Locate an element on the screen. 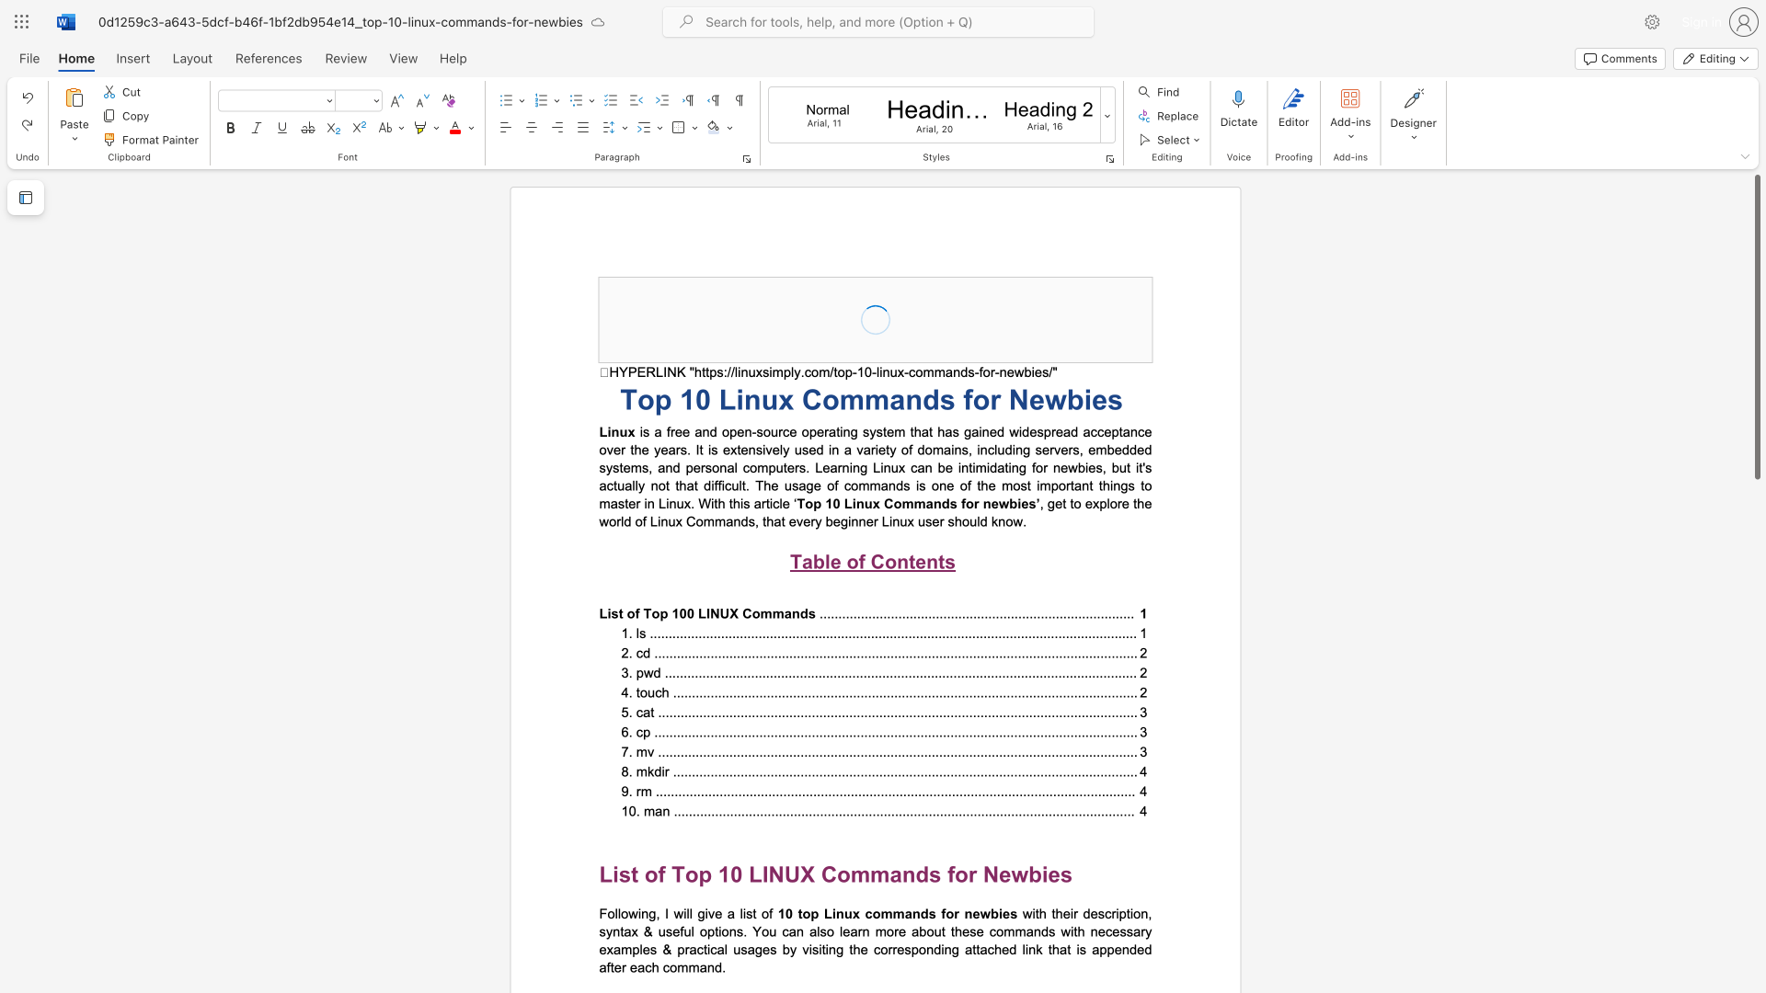 The width and height of the screenshot is (1766, 993). the scrollbar on the right side to scroll the page down is located at coordinates (1756, 745).